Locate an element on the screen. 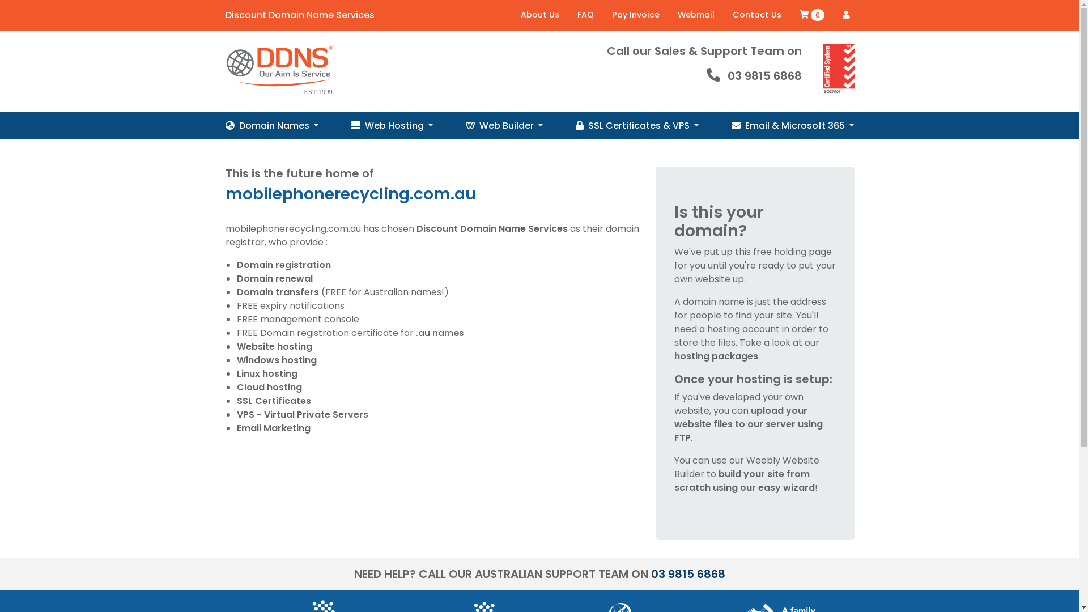  'hosting packages' is located at coordinates (674, 355).